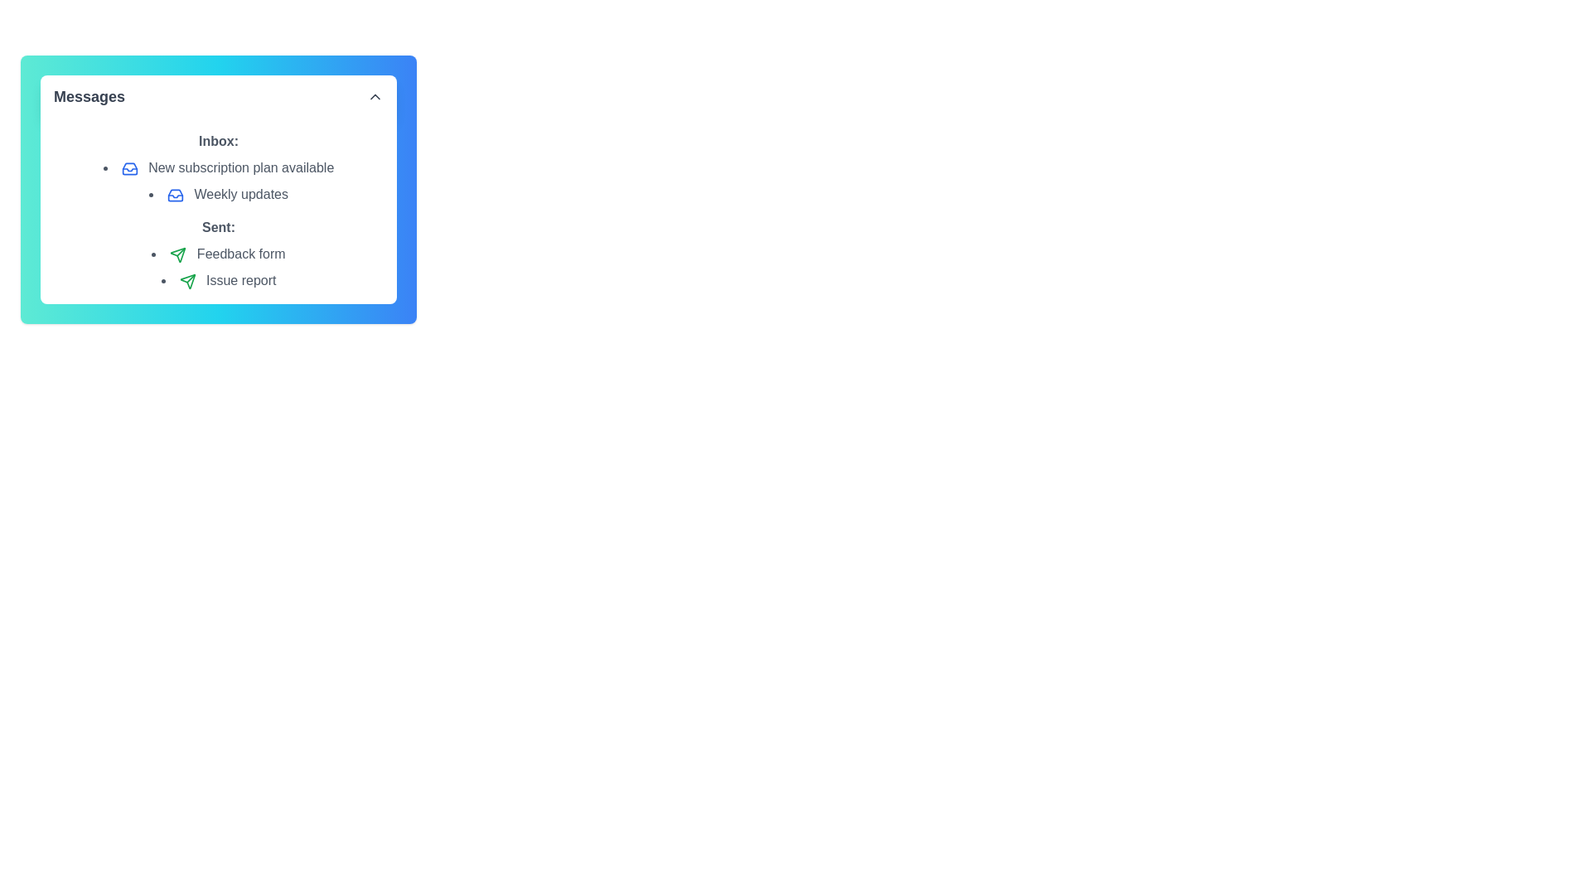  Describe the element at coordinates (187, 280) in the screenshot. I see `the representation of the 'Sent' messages icon, which is a green paper plane located in the 'Messages' section, just before the 'Feedback form' text` at that location.